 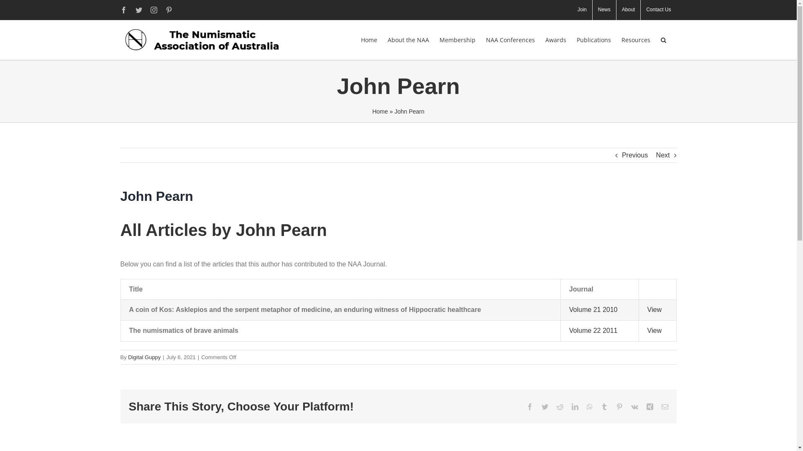 What do you see at coordinates (154, 10) in the screenshot?
I see `'Instagram'` at bounding box center [154, 10].